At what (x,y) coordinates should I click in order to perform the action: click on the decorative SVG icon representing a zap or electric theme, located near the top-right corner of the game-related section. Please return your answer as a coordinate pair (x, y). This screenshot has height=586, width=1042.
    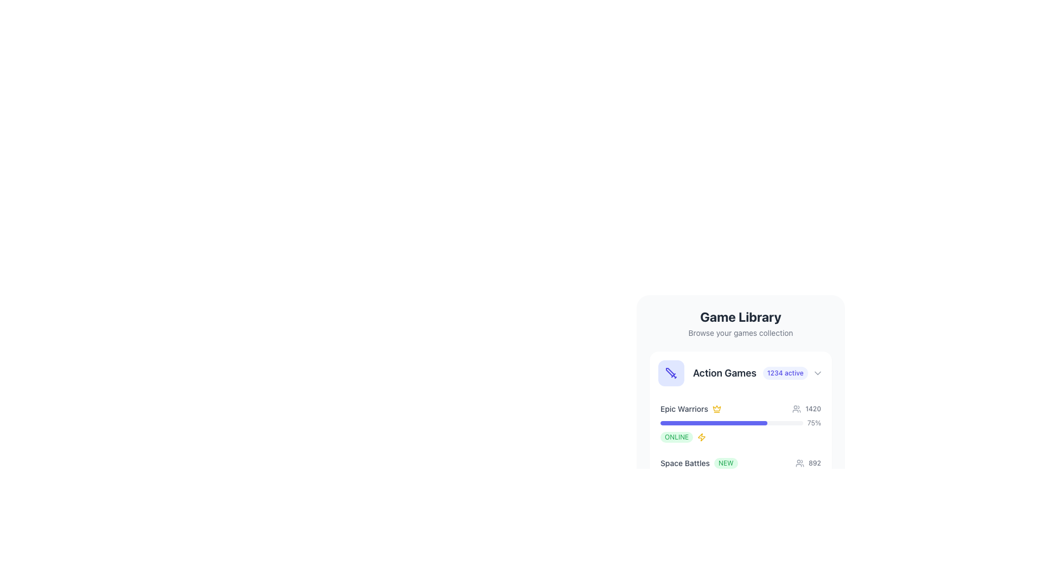
    Looking at the image, I should click on (702, 437).